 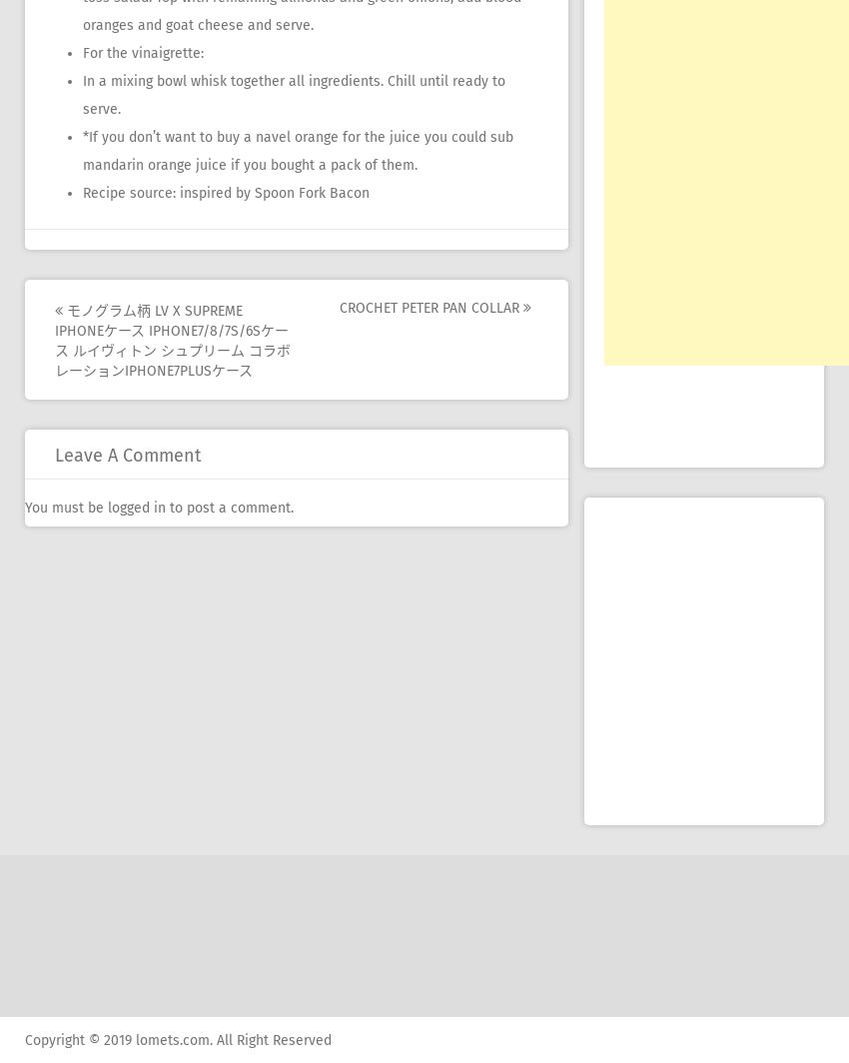 What do you see at coordinates (293, 95) in the screenshot?
I see `'In a mixing bowl whisk together all ingredients. Chill until ready to serve.'` at bounding box center [293, 95].